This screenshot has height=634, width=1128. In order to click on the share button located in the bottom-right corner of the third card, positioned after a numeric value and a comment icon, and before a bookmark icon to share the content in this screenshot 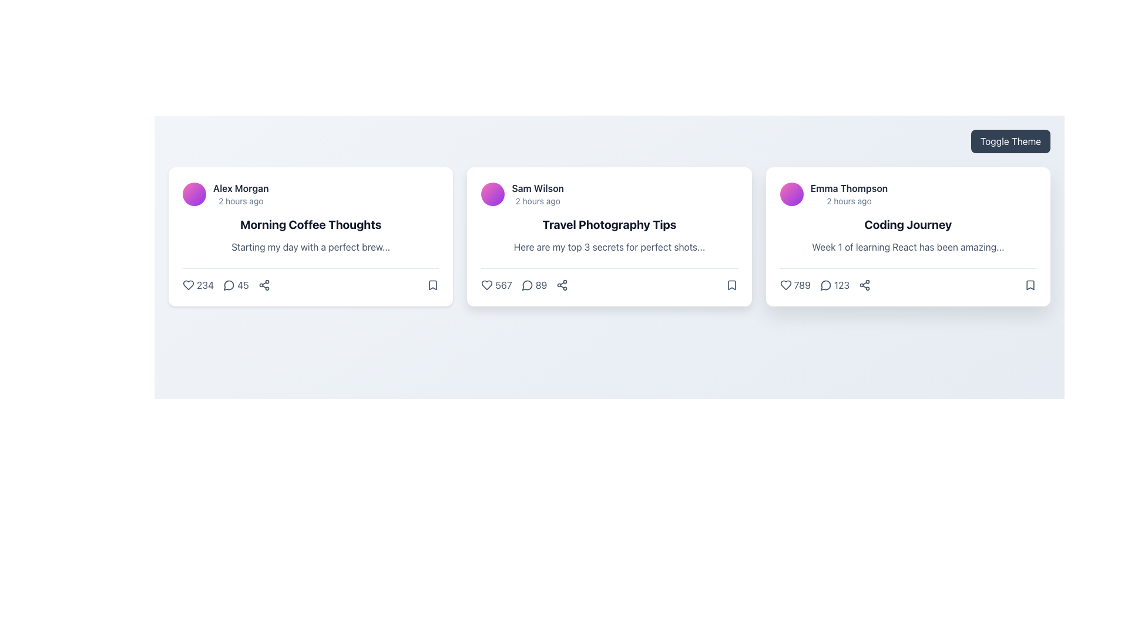, I will do `click(865, 285)`.